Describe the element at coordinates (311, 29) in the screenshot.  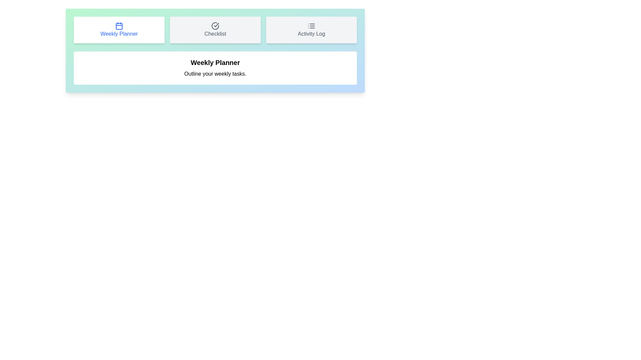
I see `the tab button labeled Activity Log` at that location.